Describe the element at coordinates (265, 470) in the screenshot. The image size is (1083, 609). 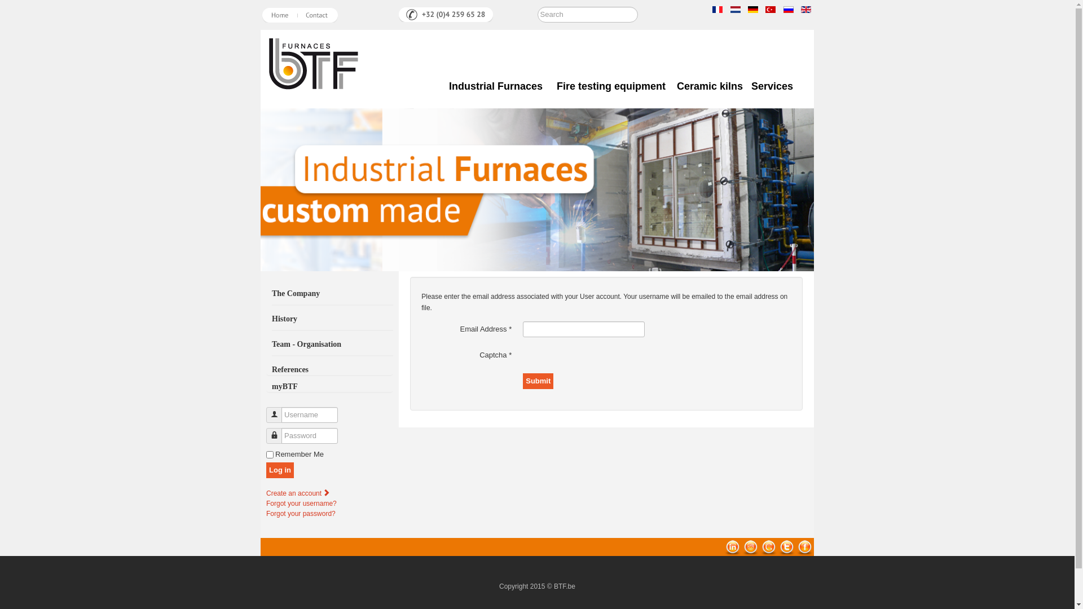
I see `'Log in'` at that location.